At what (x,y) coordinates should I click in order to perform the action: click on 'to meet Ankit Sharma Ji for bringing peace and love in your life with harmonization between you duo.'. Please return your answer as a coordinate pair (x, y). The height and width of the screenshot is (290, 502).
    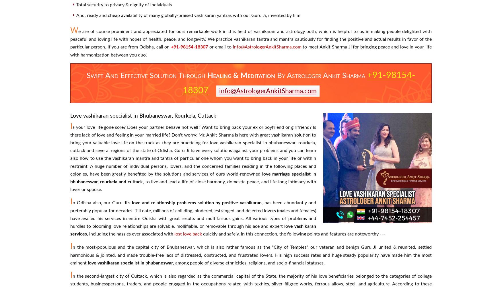
    Looking at the image, I should click on (70, 51).